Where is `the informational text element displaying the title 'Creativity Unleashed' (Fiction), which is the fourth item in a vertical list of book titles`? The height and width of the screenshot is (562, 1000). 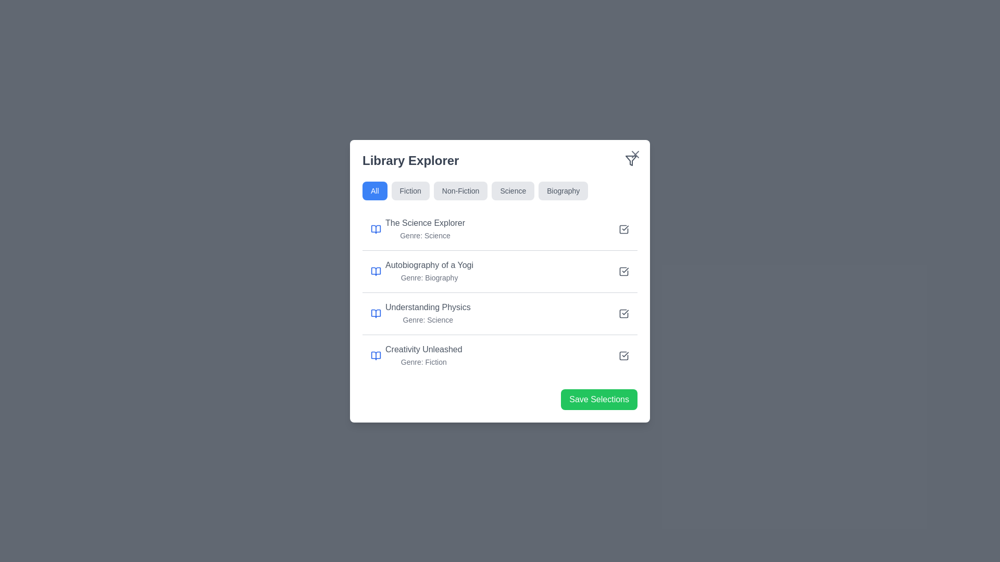 the informational text element displaying the title 'Creativity Unleashed' (Fiction), which is the fourth item in a vertical list of book titles is located at coordinates (416, 355).